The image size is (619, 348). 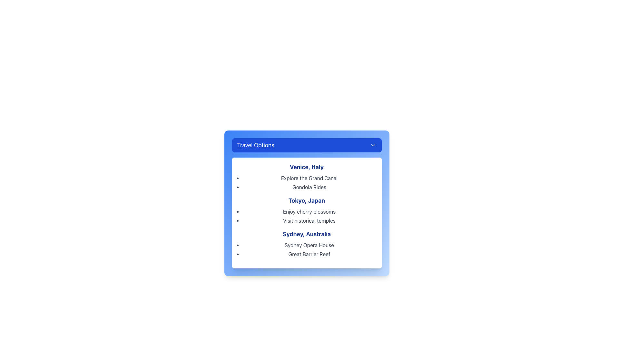 I want to click on the 'Sydney Opera House' text element, which is the first item in the list under the header 'Sydney, Australia', so click(x=309, y=245).